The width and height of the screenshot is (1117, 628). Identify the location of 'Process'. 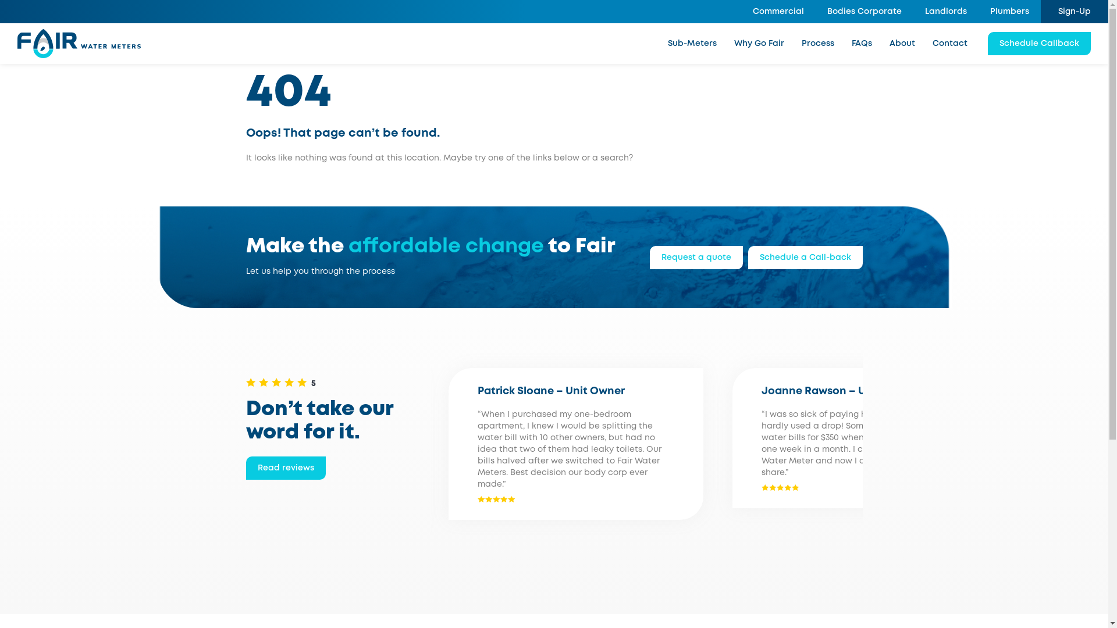
(817, 42).